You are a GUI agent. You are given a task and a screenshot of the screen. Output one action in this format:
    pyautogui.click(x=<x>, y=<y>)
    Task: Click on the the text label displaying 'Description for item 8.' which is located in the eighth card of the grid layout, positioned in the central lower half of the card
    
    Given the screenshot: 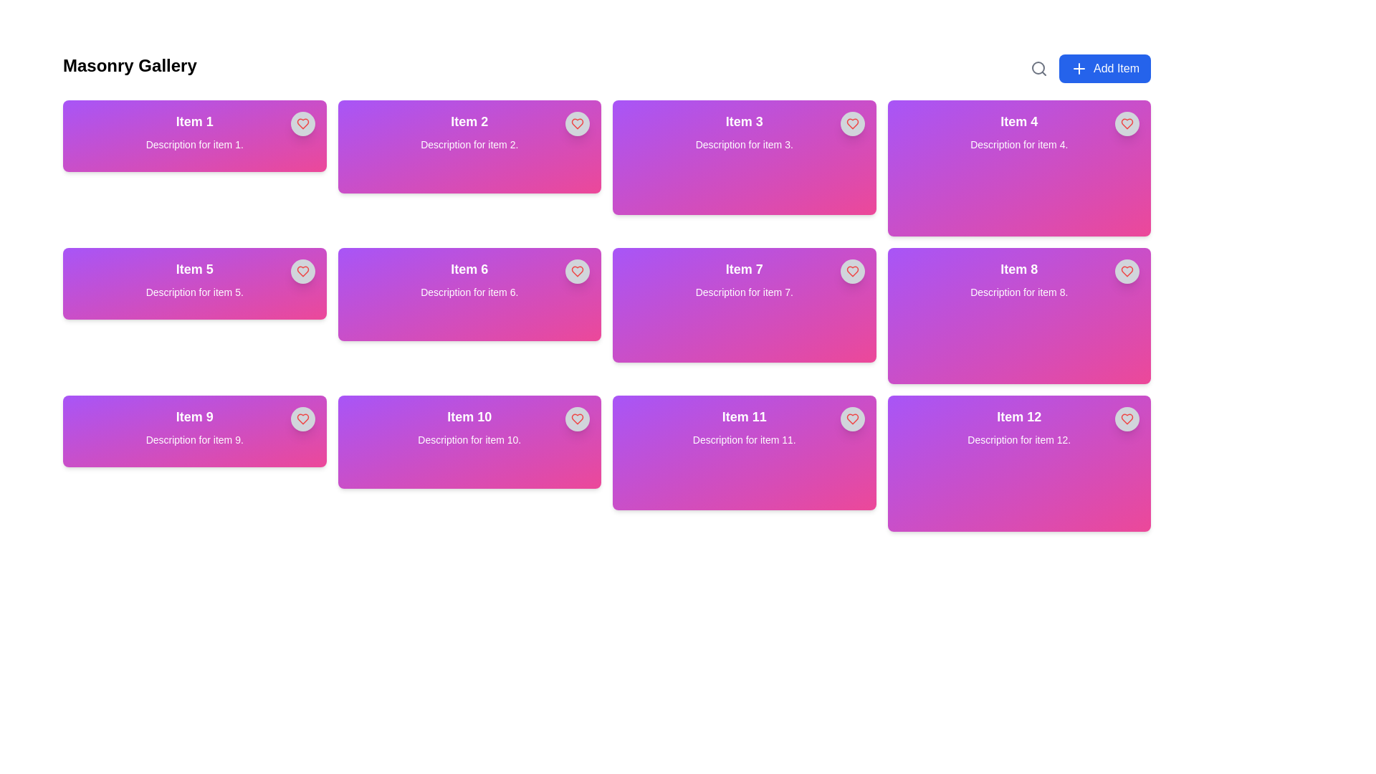 What is the action you would take?
    pyautogui.click(x=1018, y=292)
    